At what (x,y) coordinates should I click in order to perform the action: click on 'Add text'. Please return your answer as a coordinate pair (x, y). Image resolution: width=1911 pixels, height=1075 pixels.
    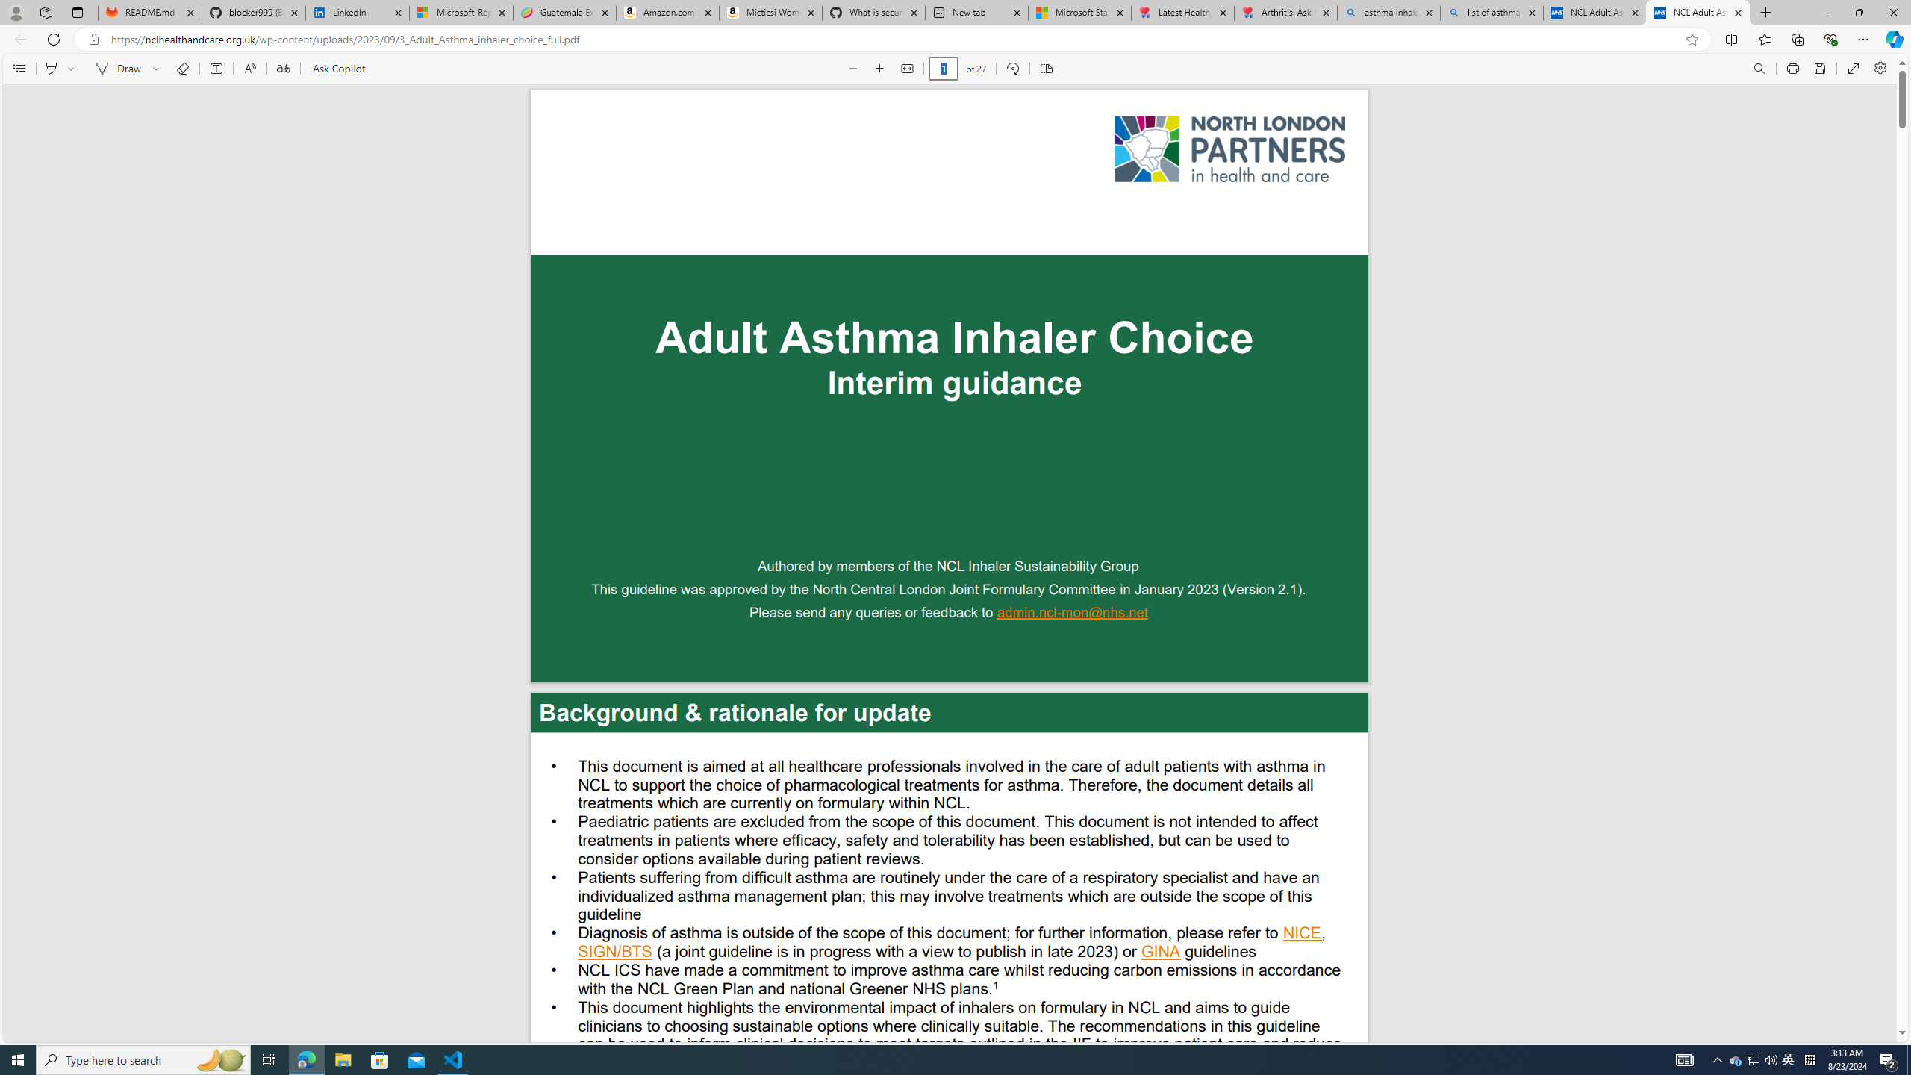
    Looking at the image, I should click on (216, 68).